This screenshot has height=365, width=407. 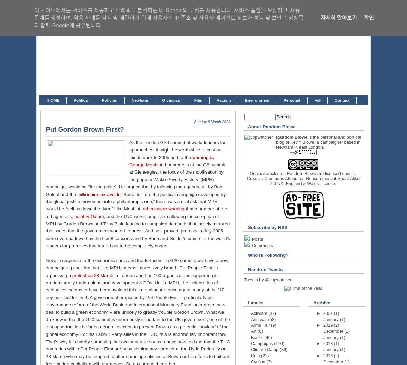 I want to click on '2018', so click(x=328, y=343).